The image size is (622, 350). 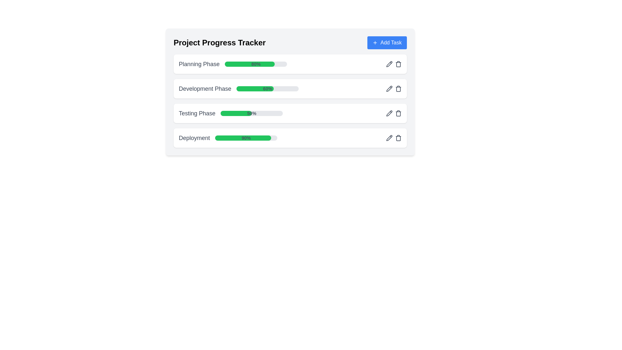 I want to click on the pencil icon button, which is dark gray and positioned to the left of a trash bin icon, so click(x=389, y=64).